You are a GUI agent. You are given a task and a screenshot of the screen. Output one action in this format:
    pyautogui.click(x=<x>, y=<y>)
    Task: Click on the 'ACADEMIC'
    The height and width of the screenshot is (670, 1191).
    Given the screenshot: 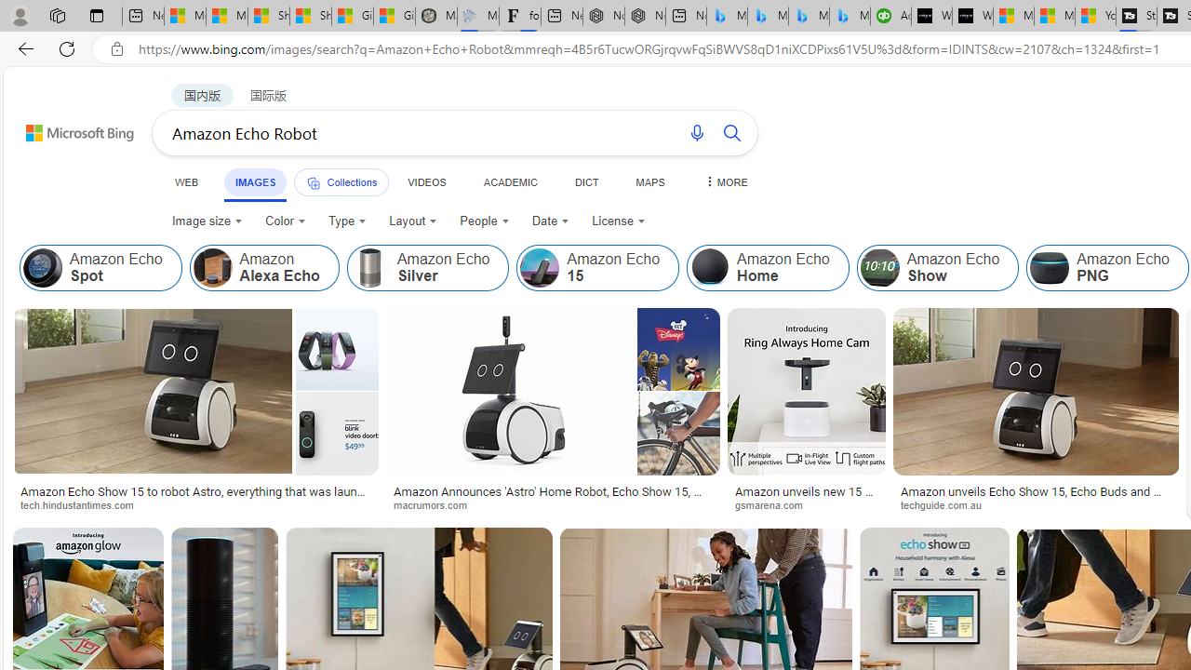 What is the action you would take?
    pyautogui.click(x=510, y=181)
    